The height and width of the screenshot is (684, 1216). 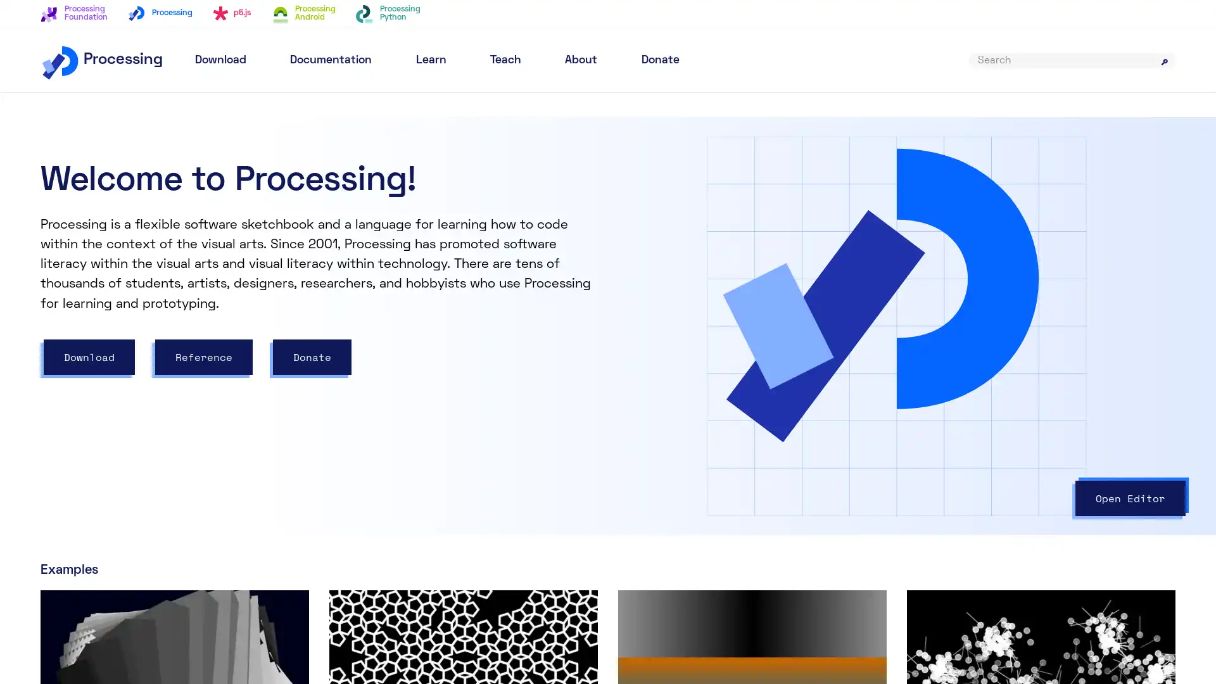 What do you see at coordinates (331, 60) in the screenshot?
I see `Documentation` at bounding box center [331, 60].